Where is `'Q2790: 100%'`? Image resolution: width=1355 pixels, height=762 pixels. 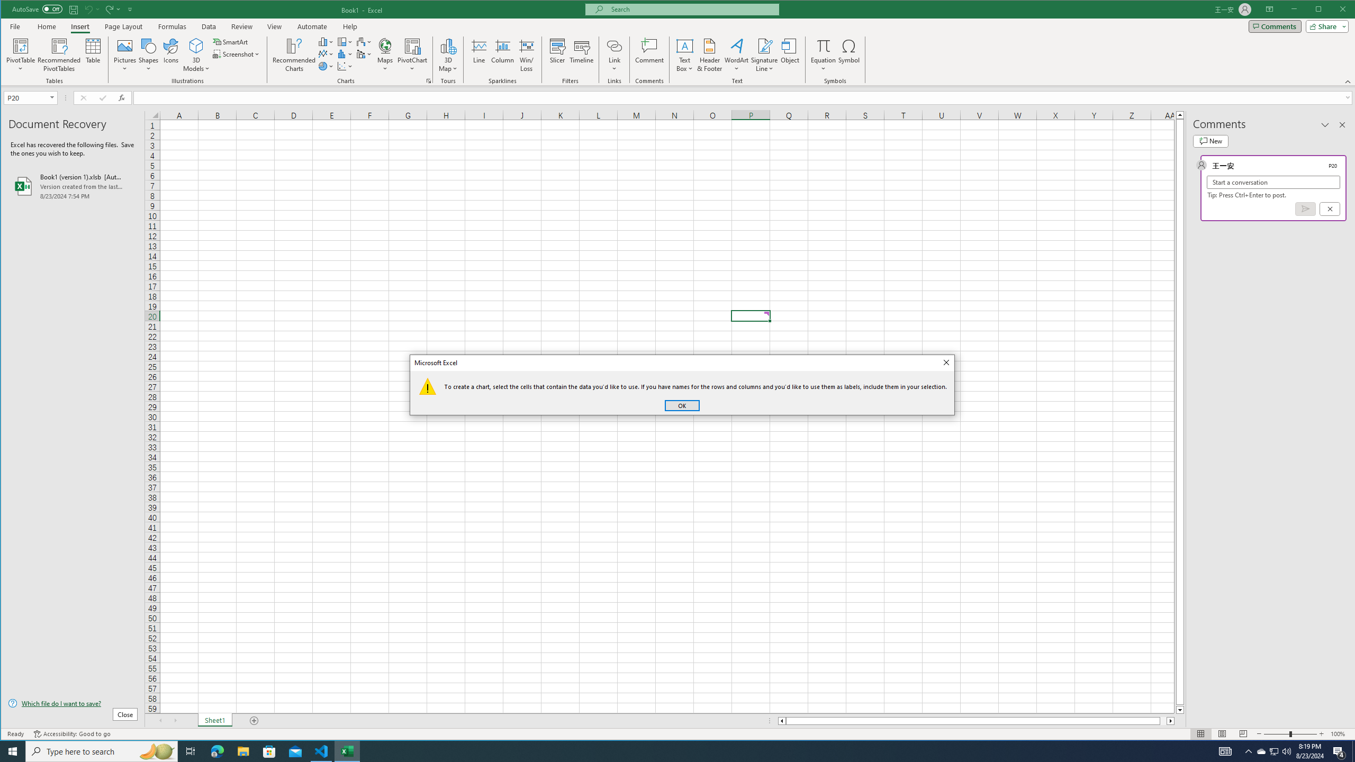
'Q2790: 100%' is located at coordinates (1286, 750).